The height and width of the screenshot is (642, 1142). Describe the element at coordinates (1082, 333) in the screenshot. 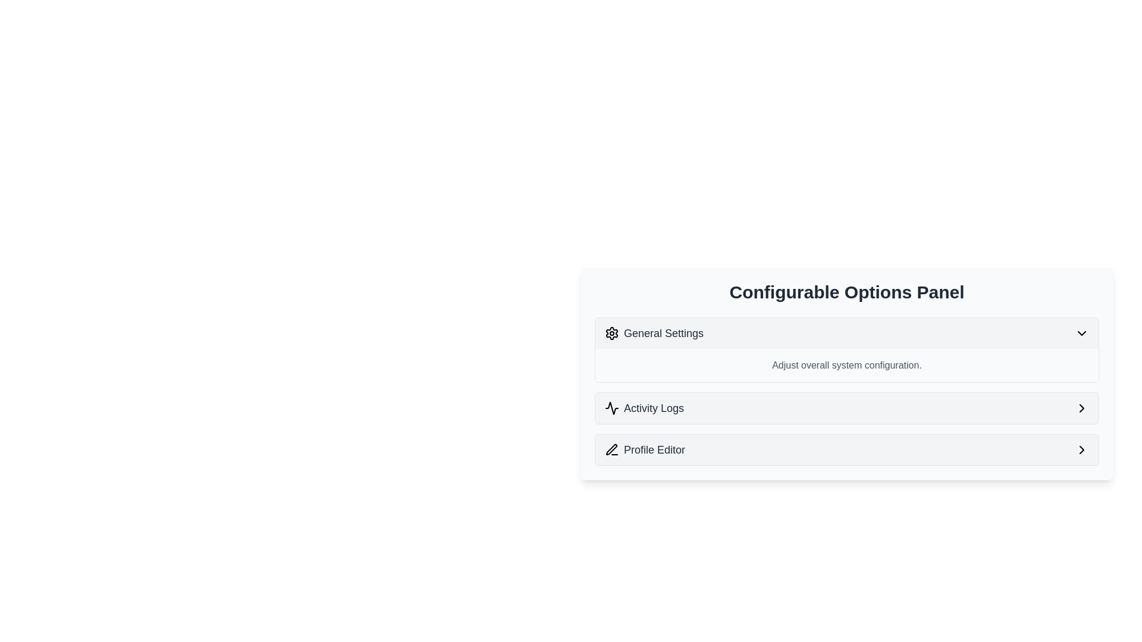

I see `the downward-pointing chevron icon located at the far-right of the 'General Settings' button` at that location.